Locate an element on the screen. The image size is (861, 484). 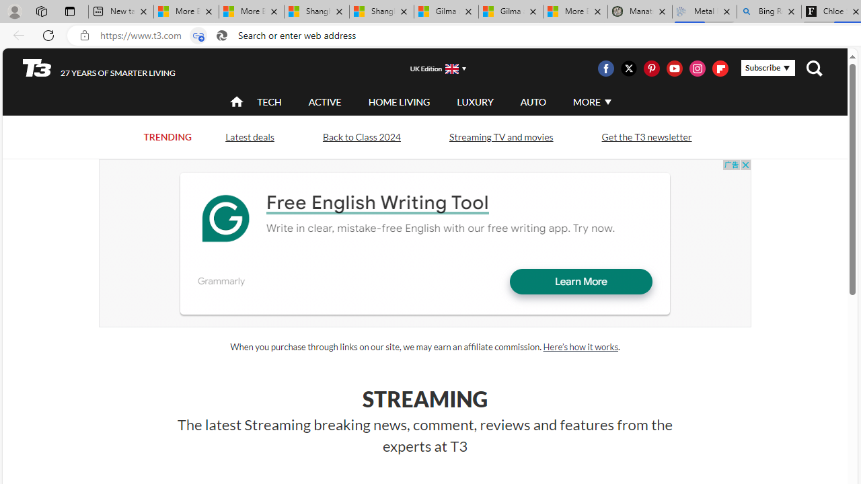
'Class: navigation__item' is located at coordinates (235, 101).